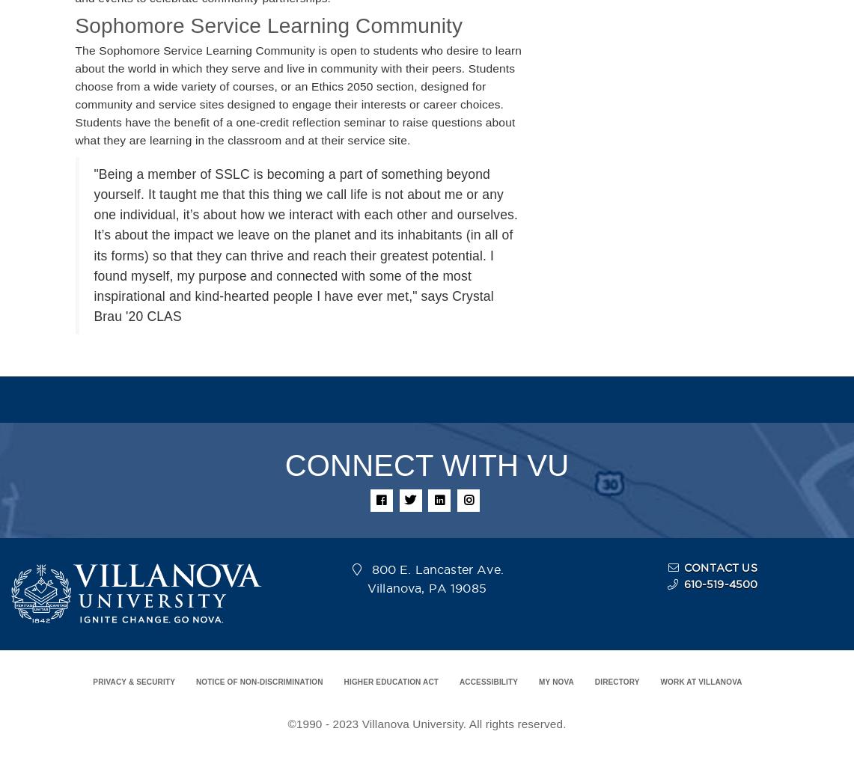  What do you see at coordinates (427, 465) in the screenshot?
I see `'CONNECT WITH VU'` at bounding box center [427, 465].